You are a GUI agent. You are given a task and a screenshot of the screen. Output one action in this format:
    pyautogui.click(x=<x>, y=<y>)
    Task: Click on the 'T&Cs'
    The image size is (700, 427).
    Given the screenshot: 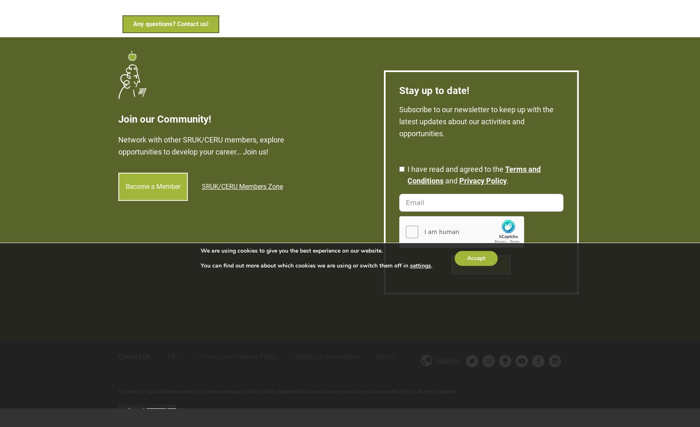 What is the action you would take?
    pyautogui.click(x=174, y=349)
    